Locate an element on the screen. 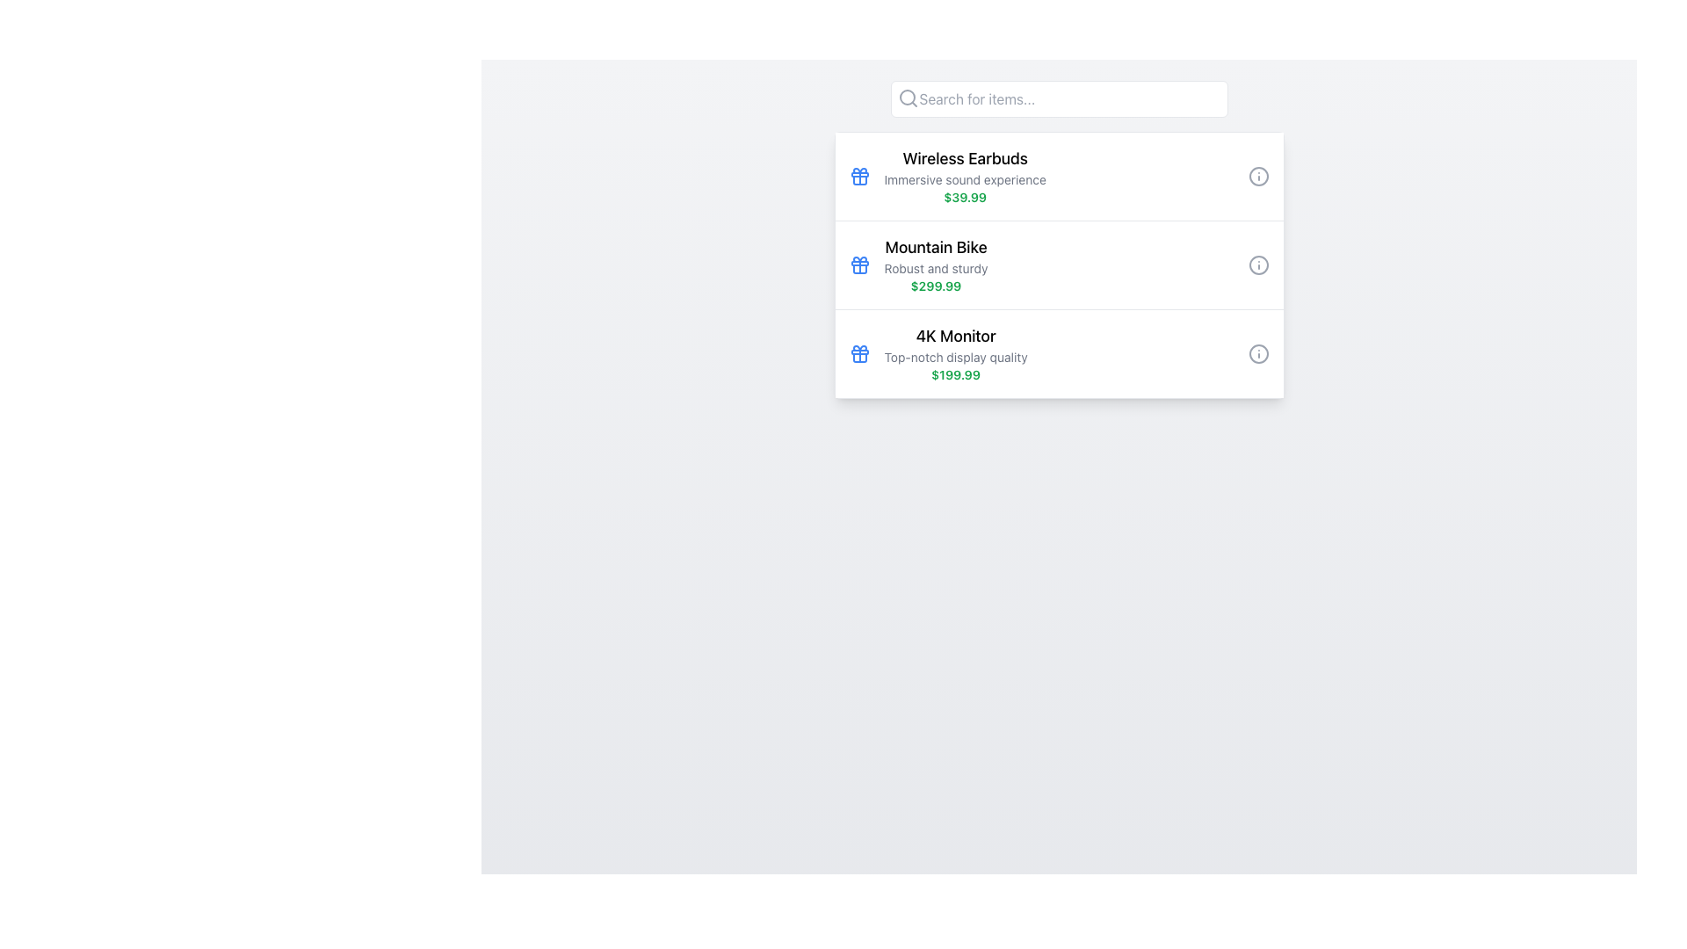 The width and height of the screenshot is (1687, 949). the SVG graphical element representing the magnifying lens in the top-left corner of the search input field is located at coordinates (907, 98).